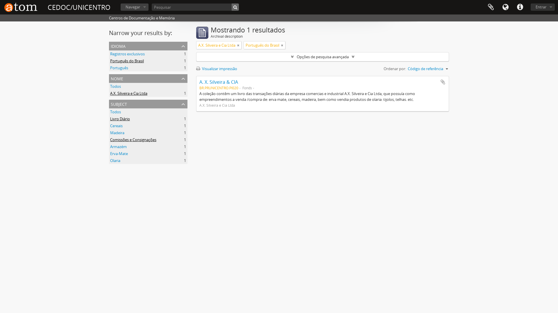  I want to click on 'Olaria', so click(115, 161).